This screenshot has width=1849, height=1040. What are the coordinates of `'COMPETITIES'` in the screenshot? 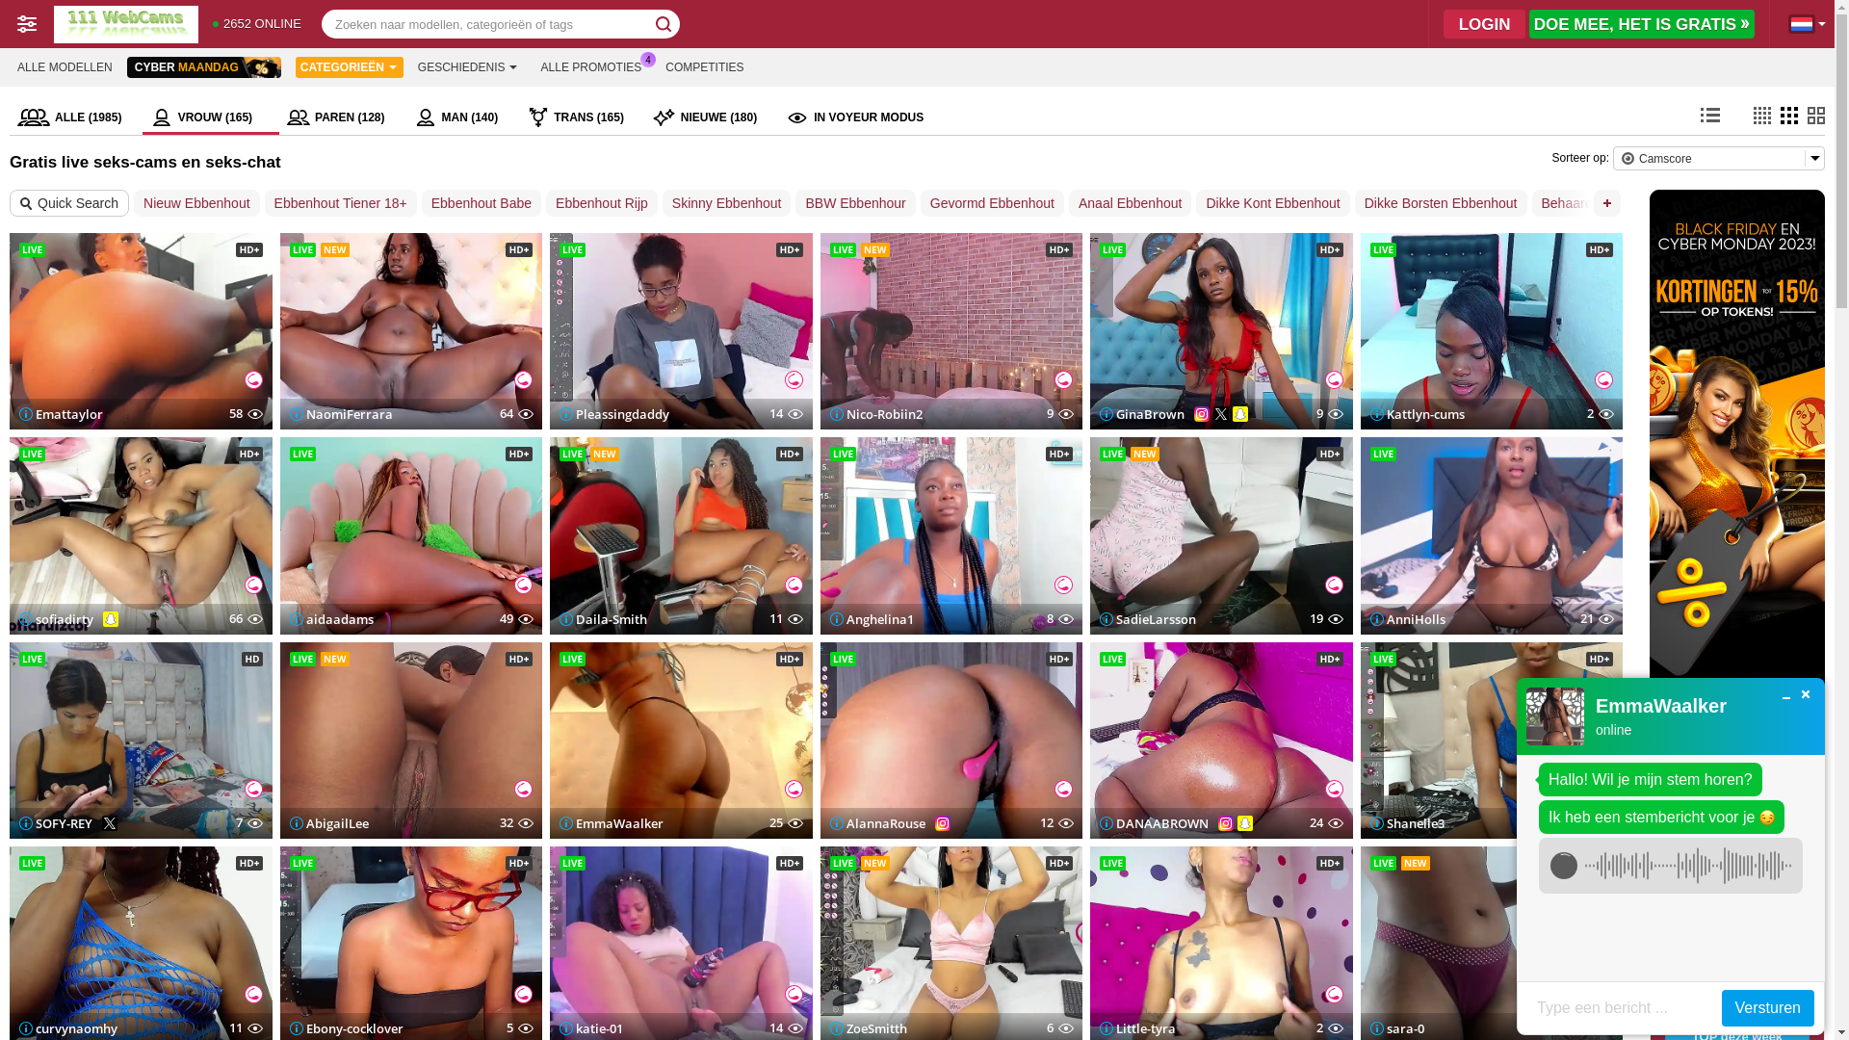 It's located at (656, 65).